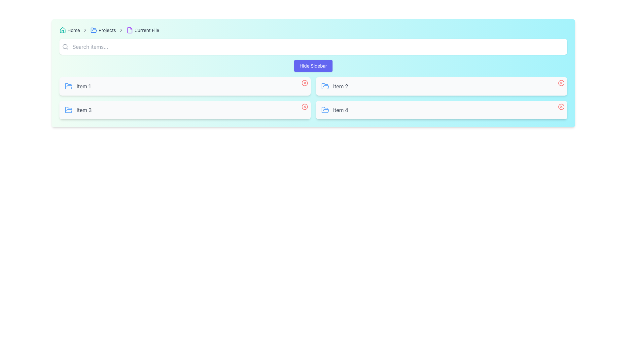 The height and width of the screenshot is (356, 634). I want to click on the text label reading 'Item 2', which is styled in gray and positioned between a blue folder icon and a red 'X' icon in a structured row, so click(340, 86).